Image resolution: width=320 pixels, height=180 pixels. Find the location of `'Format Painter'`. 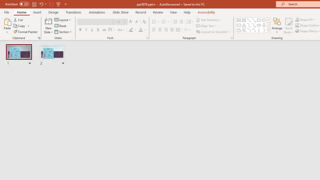

'Format Painter' is located at coordinates (25, 32).